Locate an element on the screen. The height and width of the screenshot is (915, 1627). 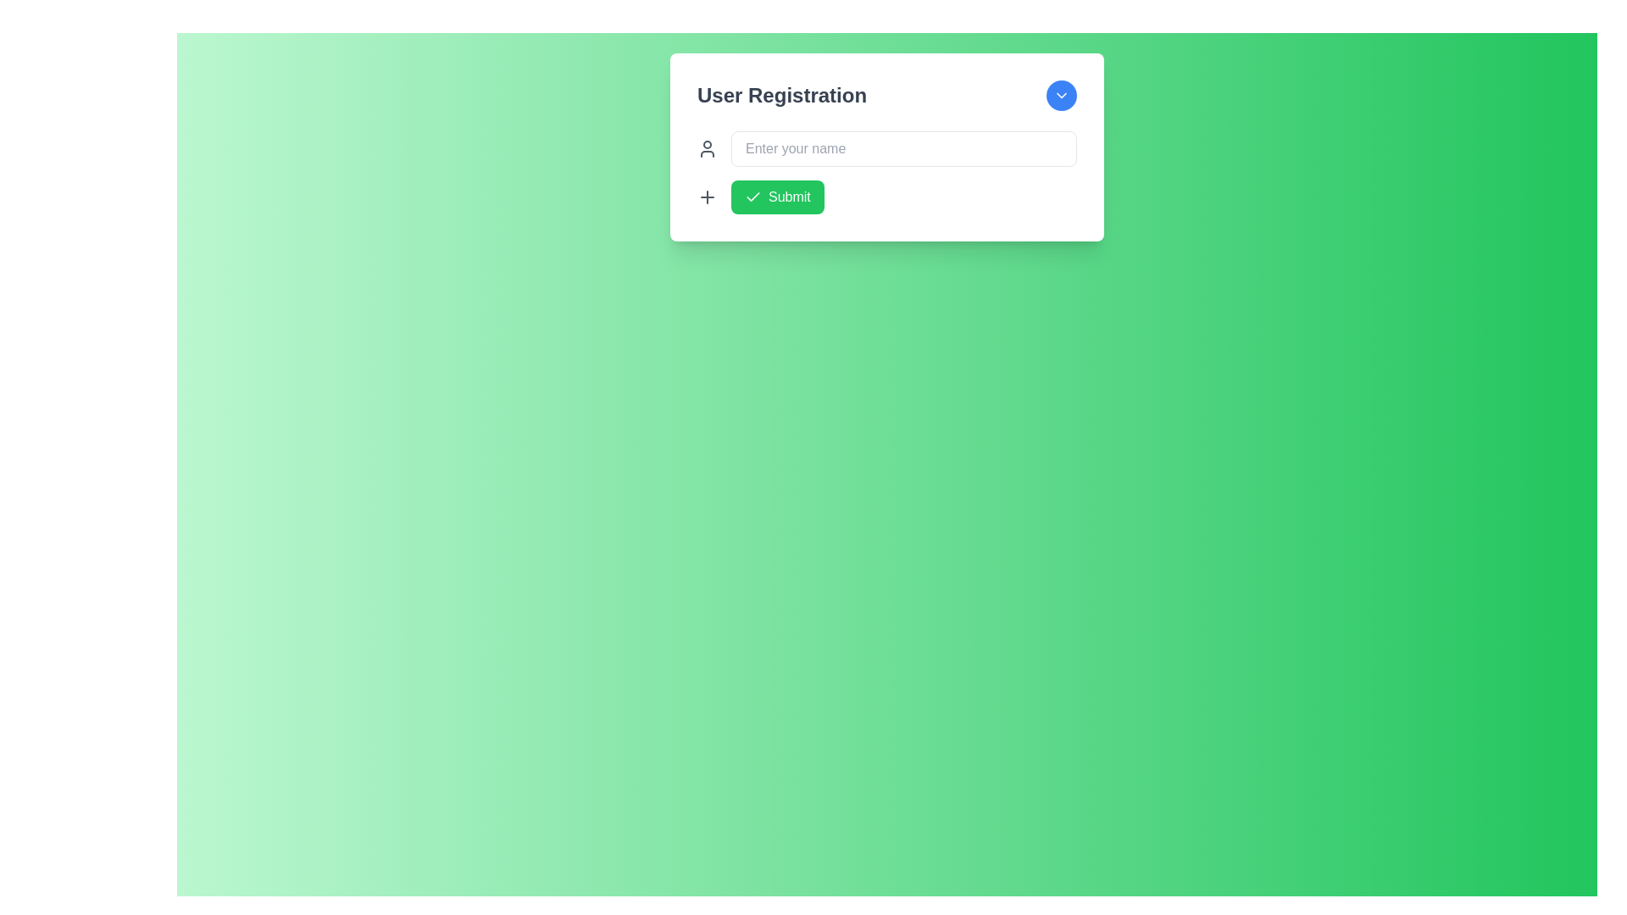
the 'plus' icon, which is a gray stroke graphical button positioned to the left of the 'Submit' button is located at coordinates (708, 196).